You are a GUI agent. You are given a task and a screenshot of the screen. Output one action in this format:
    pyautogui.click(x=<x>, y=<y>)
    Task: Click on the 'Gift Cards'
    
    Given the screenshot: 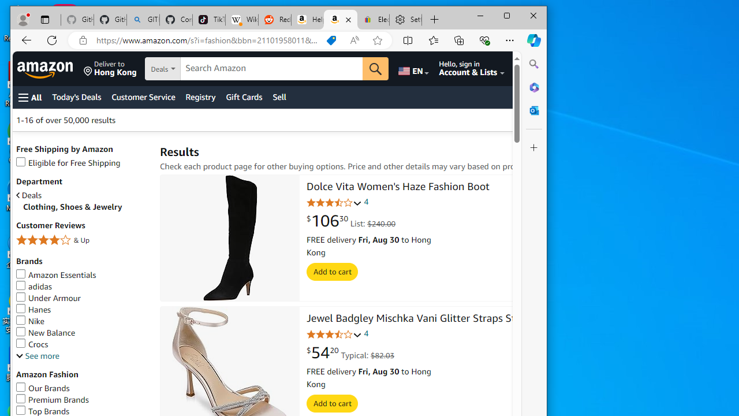 What is the action you would take?
    pyautogui.click(x=243, y=96)
    